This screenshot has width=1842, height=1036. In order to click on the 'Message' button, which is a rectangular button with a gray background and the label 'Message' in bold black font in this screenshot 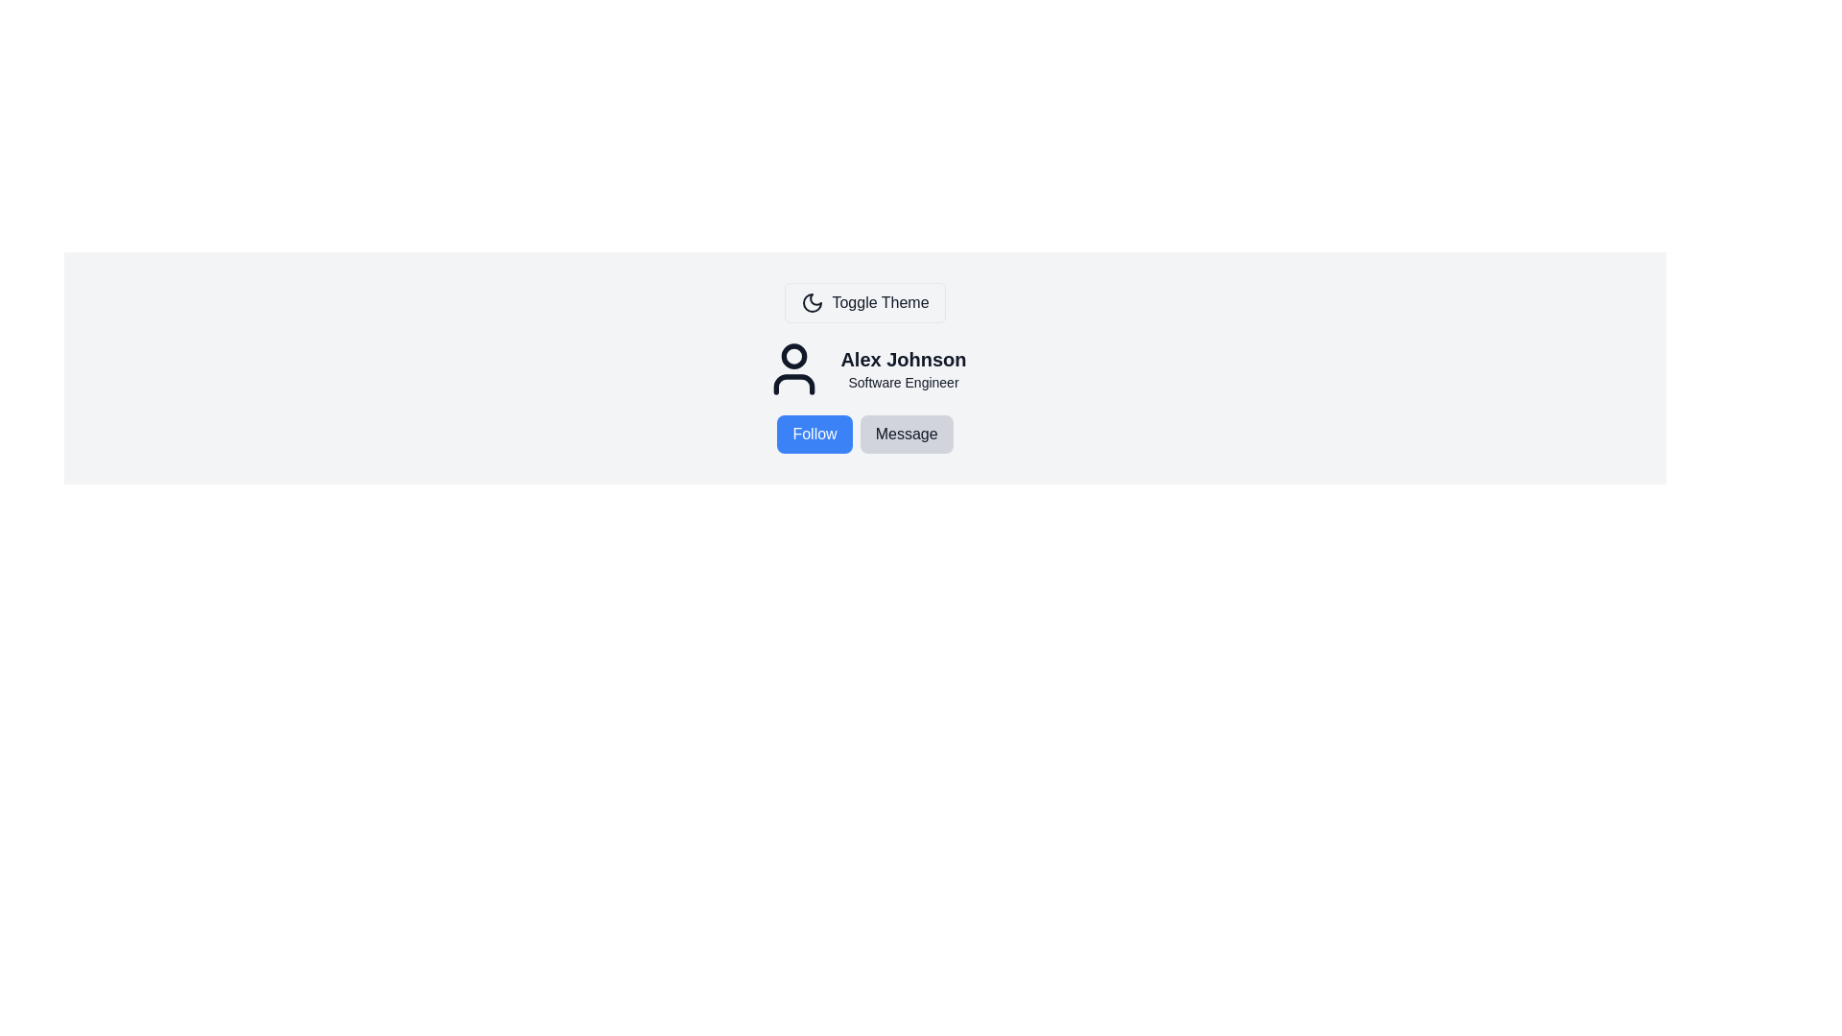, I will do `click(906, 434)`.